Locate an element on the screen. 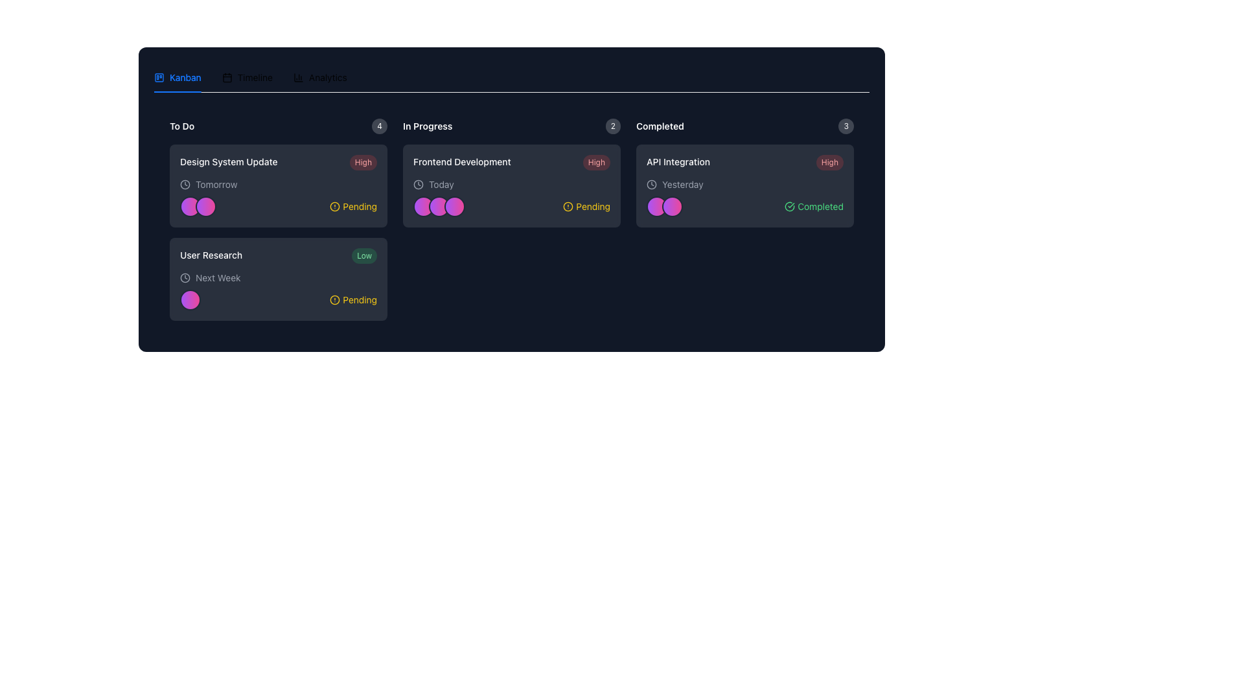 The width and height of the screenshot is (1244, 700). the 'Frontend Development' Task Card from the 'In Progress' column is located at coordinates (511, 219).